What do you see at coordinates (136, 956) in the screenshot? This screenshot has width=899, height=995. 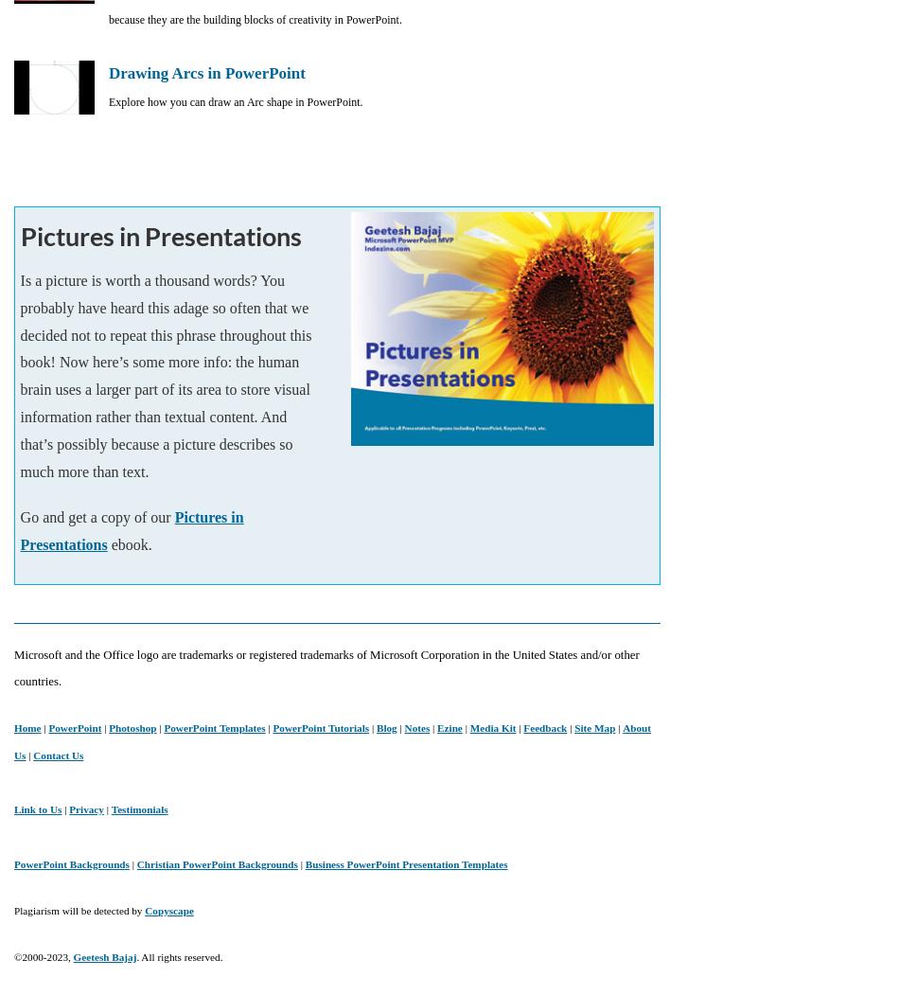 I see `'. All rights reserved.'` at bounding box center [136, 956].